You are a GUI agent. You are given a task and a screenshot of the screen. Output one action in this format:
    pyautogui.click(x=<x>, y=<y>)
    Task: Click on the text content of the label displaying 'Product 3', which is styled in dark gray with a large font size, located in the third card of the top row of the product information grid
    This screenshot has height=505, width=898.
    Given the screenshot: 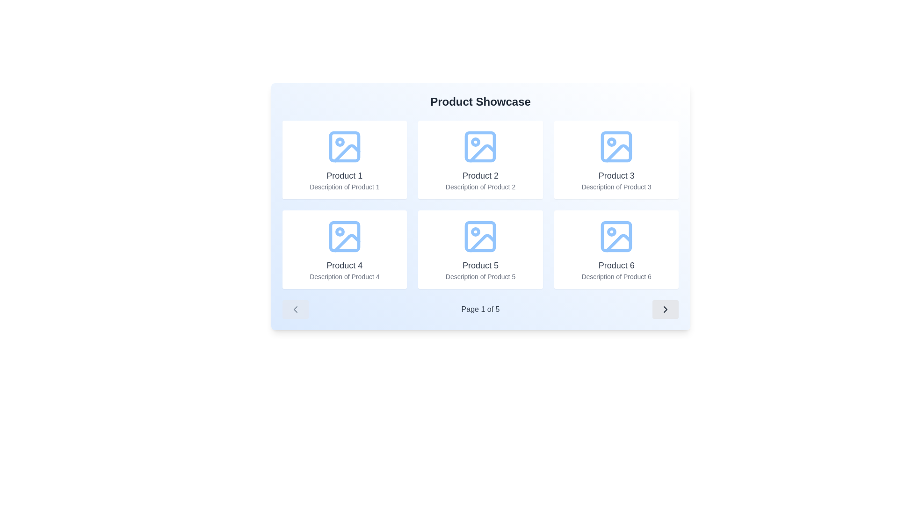 What is the action you would take?
    pyautogui.click(x=616, y=175)
    